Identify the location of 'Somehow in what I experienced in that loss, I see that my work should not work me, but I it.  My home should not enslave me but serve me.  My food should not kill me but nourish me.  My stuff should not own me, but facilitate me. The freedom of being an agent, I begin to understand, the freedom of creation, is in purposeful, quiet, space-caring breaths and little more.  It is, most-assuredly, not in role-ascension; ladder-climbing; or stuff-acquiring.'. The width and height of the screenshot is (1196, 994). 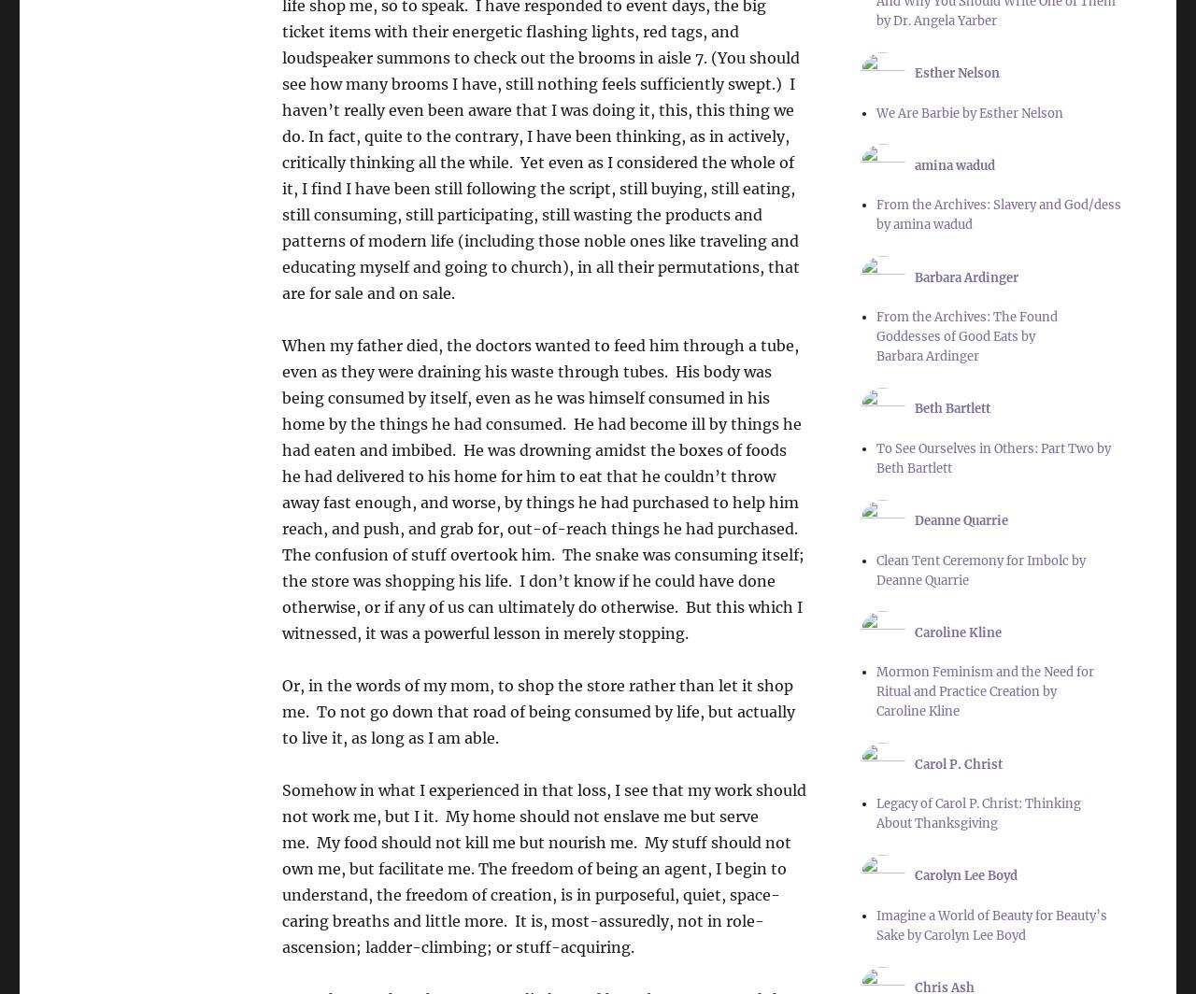
(280, 869).